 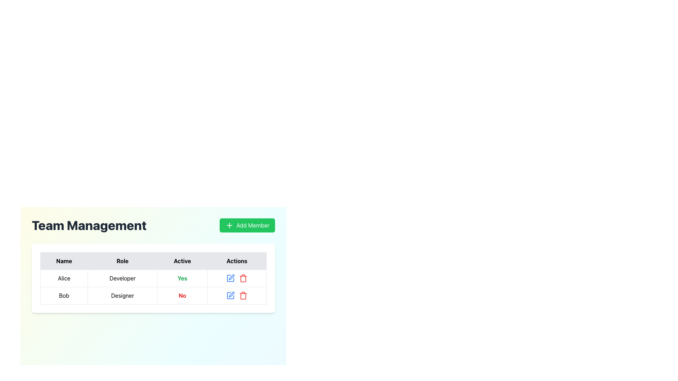 I want to click on the bold green text label reading 'Yes' located in the 'Active' column under the 'Alice' entry in the team management table, so click(x=182, y=278).